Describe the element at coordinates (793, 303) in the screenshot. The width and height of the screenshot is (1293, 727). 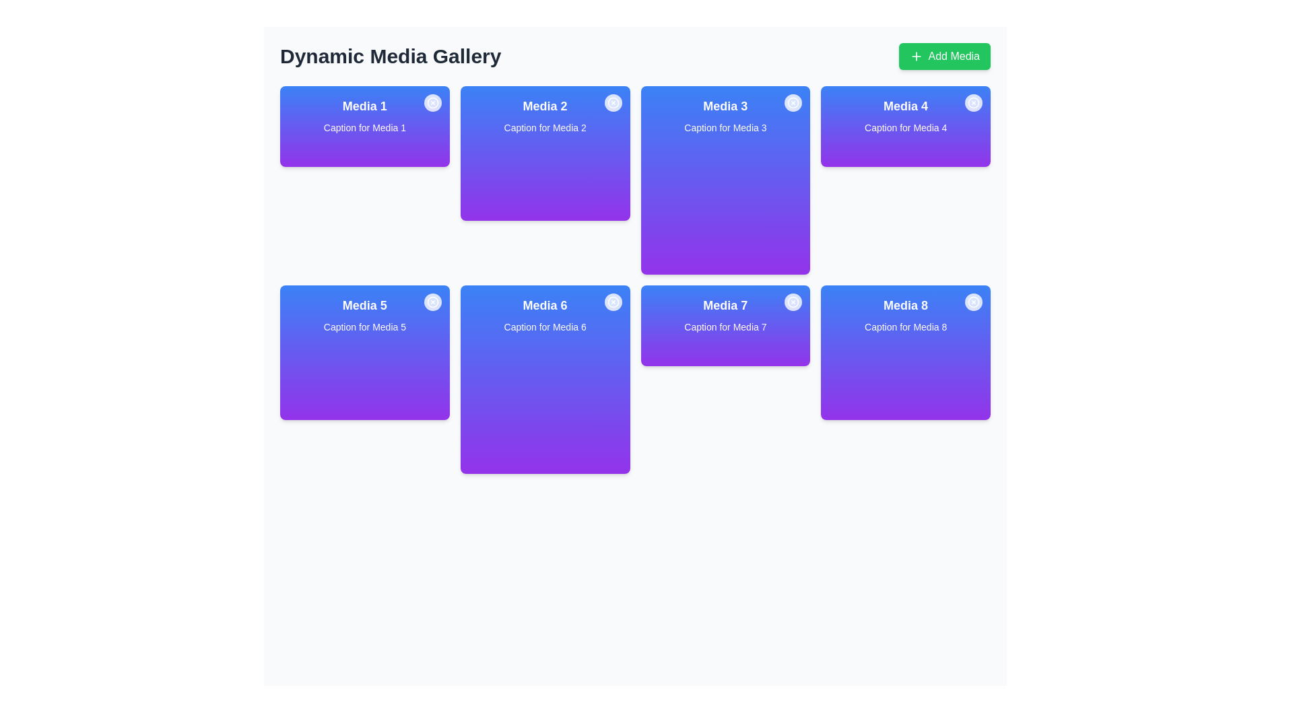
I see `the close button located at the top-right corner of the card labeled 'Media 7' for accessibility navigation` at that location.